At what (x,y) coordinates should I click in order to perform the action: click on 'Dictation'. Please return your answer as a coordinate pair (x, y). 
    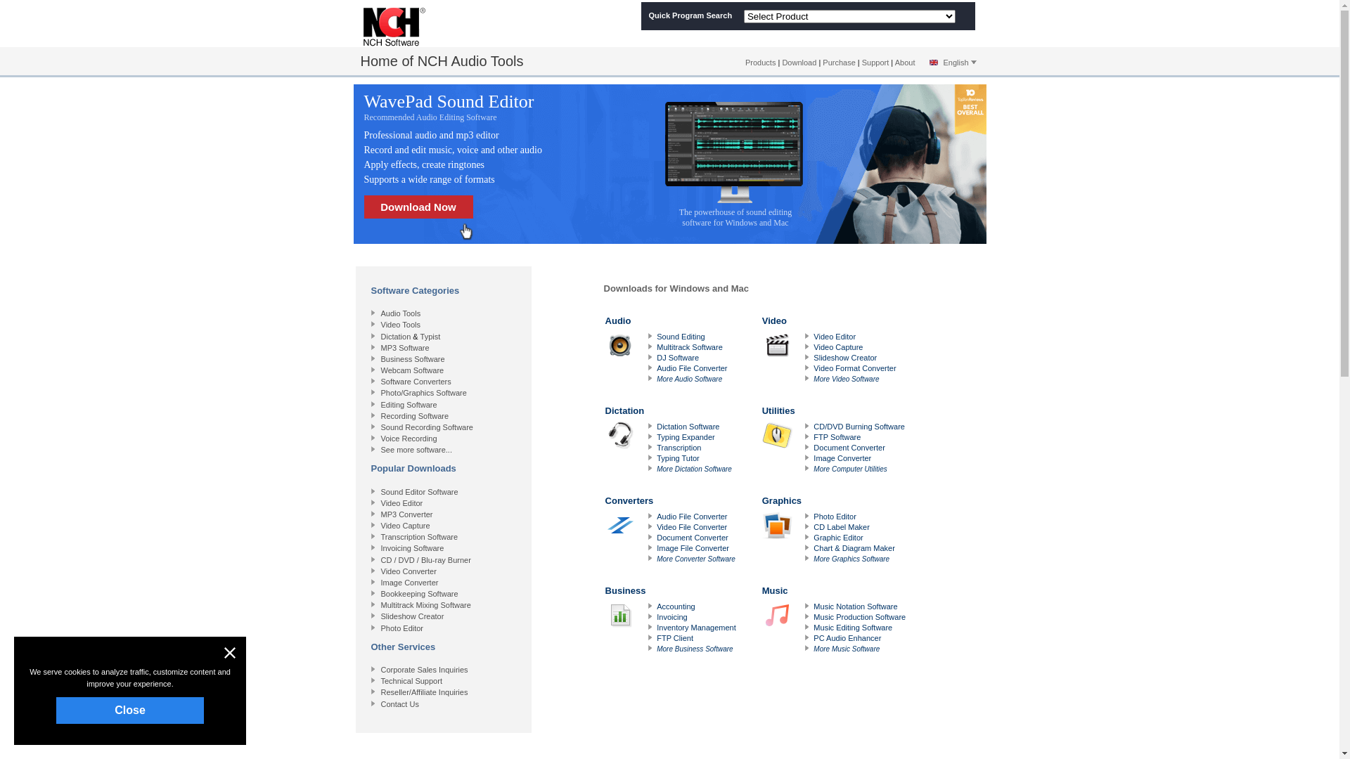
    Looking at the image, I should click on (381, 336).